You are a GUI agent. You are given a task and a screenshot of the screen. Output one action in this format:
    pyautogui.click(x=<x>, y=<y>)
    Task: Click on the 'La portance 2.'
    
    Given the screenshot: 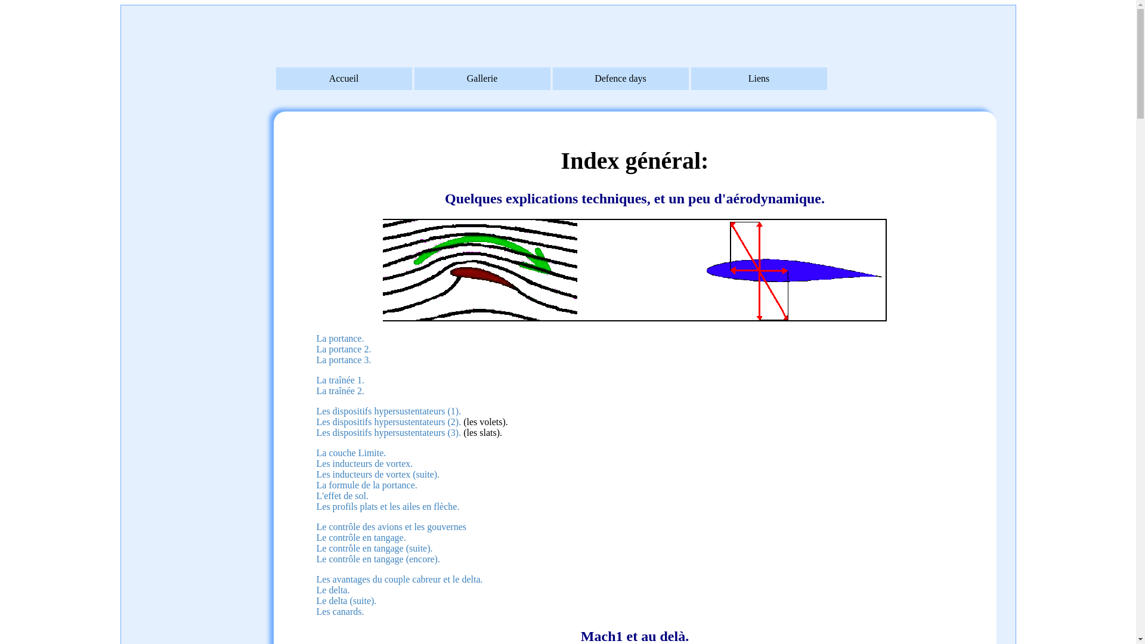 What is the action you would take?
    pyautogui.click(x=343, y=348)
    